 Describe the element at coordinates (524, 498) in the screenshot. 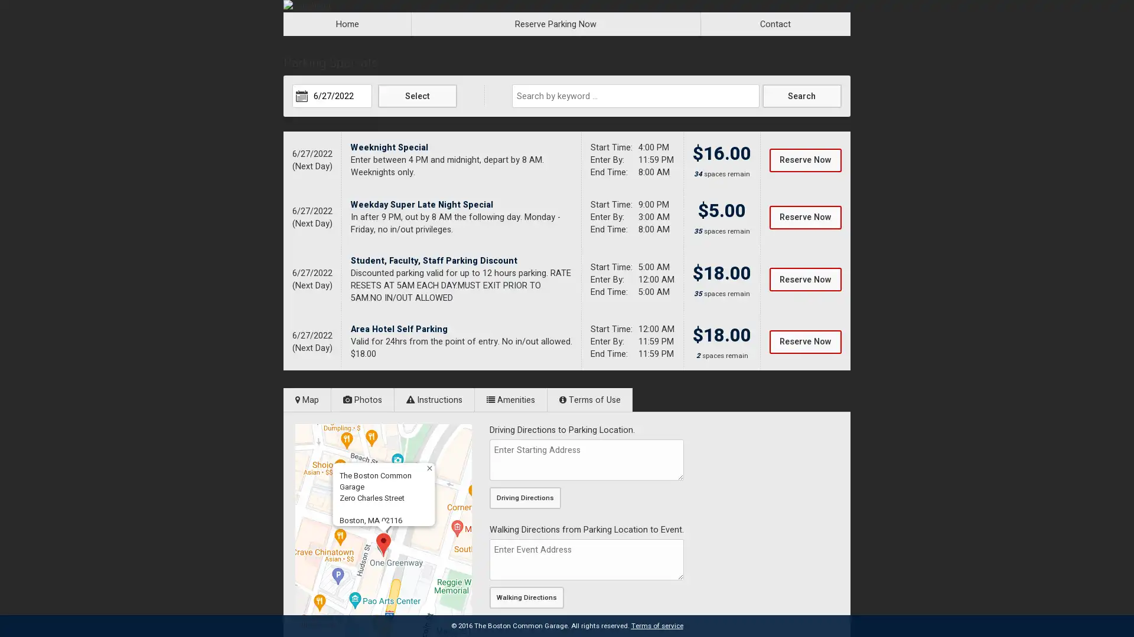

I see `Driving Directions` at that location.